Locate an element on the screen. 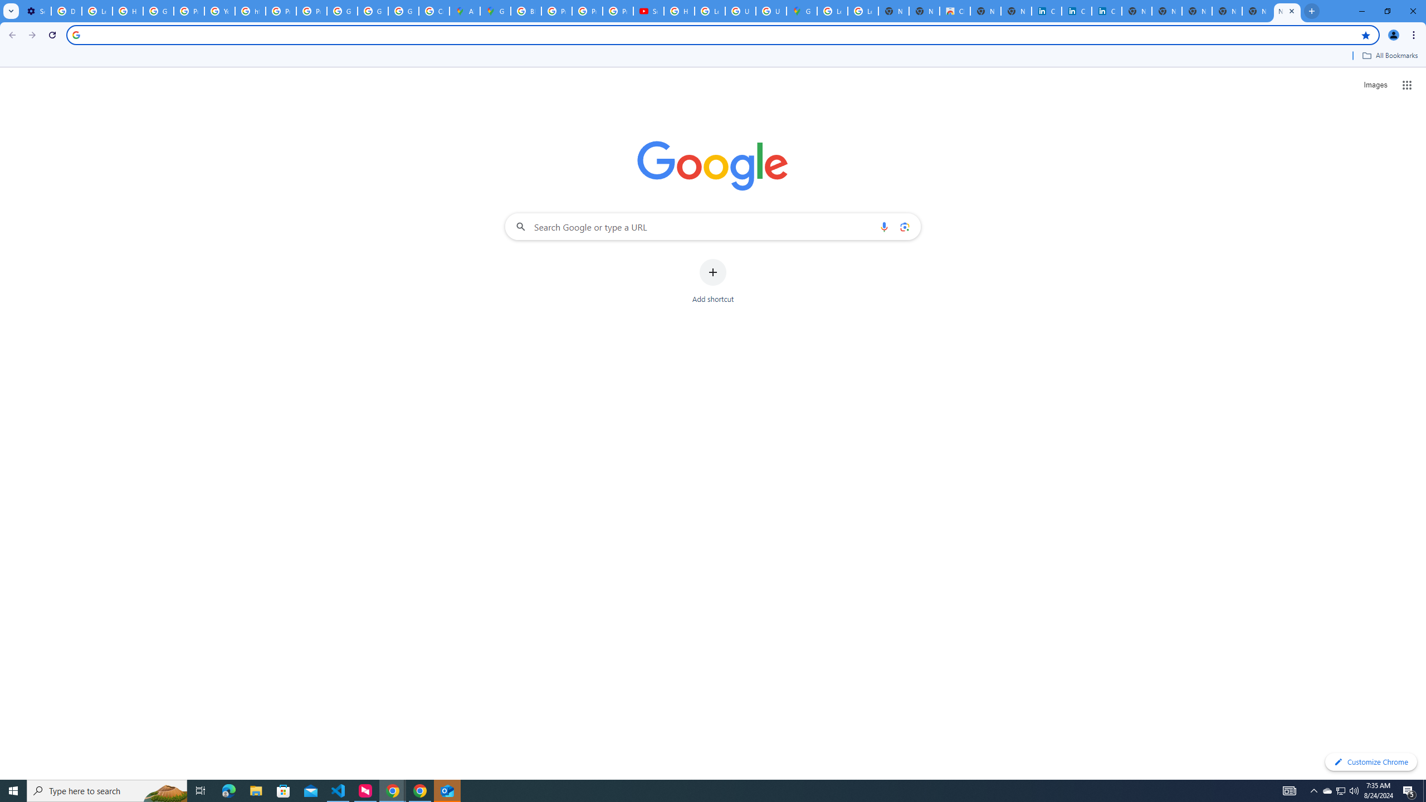 This screenshot has height=802, width=1426. 'Cookie Policy | LinkedIn' is located at coordinates (1076, 11).